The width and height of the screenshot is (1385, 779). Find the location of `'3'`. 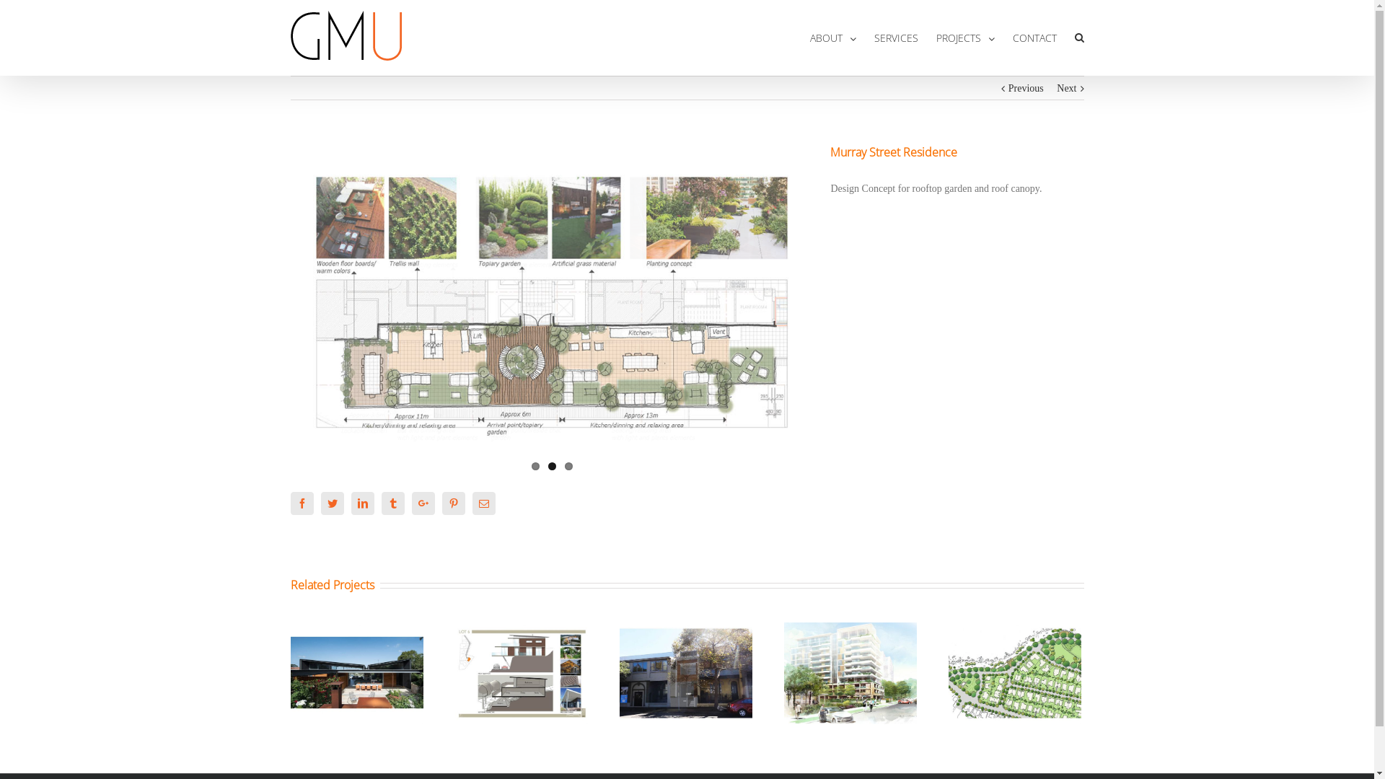

'3' is located at coordinates (563, 466).